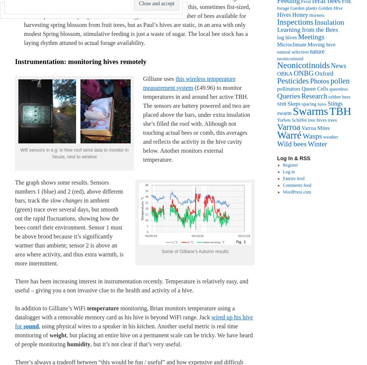 This screenshot has height=365, width=367. I want to click on 'Wild bees', so click(292, 143).